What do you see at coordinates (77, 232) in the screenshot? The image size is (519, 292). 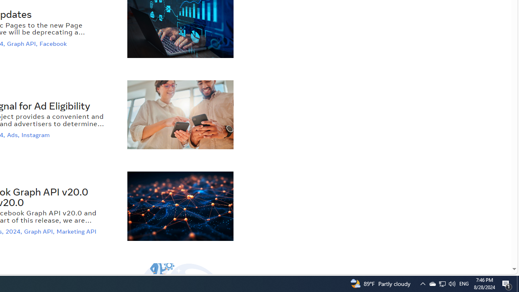 I see `'Marketing API'` at bounding box center [77, 232].